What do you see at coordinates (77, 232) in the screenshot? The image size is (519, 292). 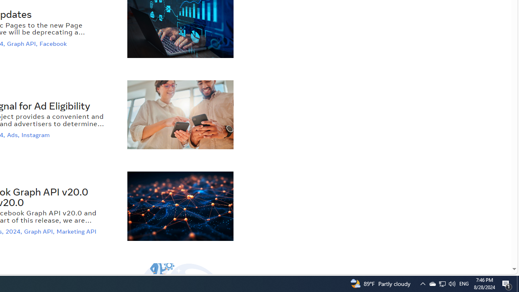 I see `'Marketing API'` at bounding box center [77, 232].